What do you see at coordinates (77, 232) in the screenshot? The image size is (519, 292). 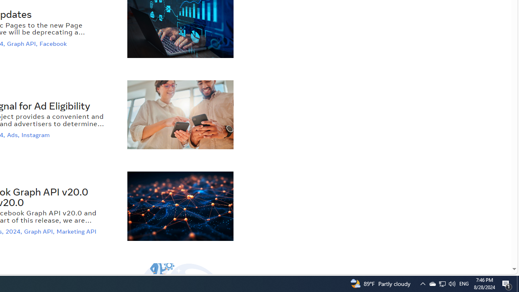 I see `'Marketing API'` at bounding box center [77, 232].